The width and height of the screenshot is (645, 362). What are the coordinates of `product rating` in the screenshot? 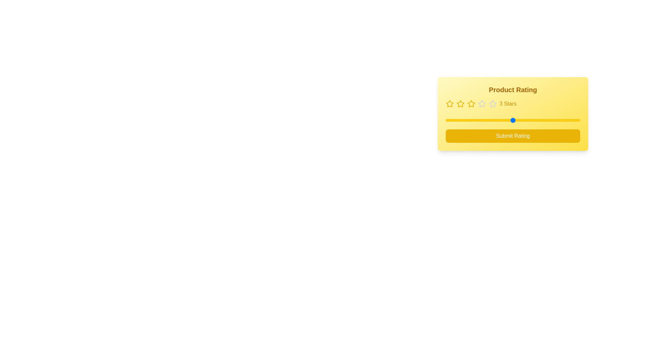 It's located at (479, 120).